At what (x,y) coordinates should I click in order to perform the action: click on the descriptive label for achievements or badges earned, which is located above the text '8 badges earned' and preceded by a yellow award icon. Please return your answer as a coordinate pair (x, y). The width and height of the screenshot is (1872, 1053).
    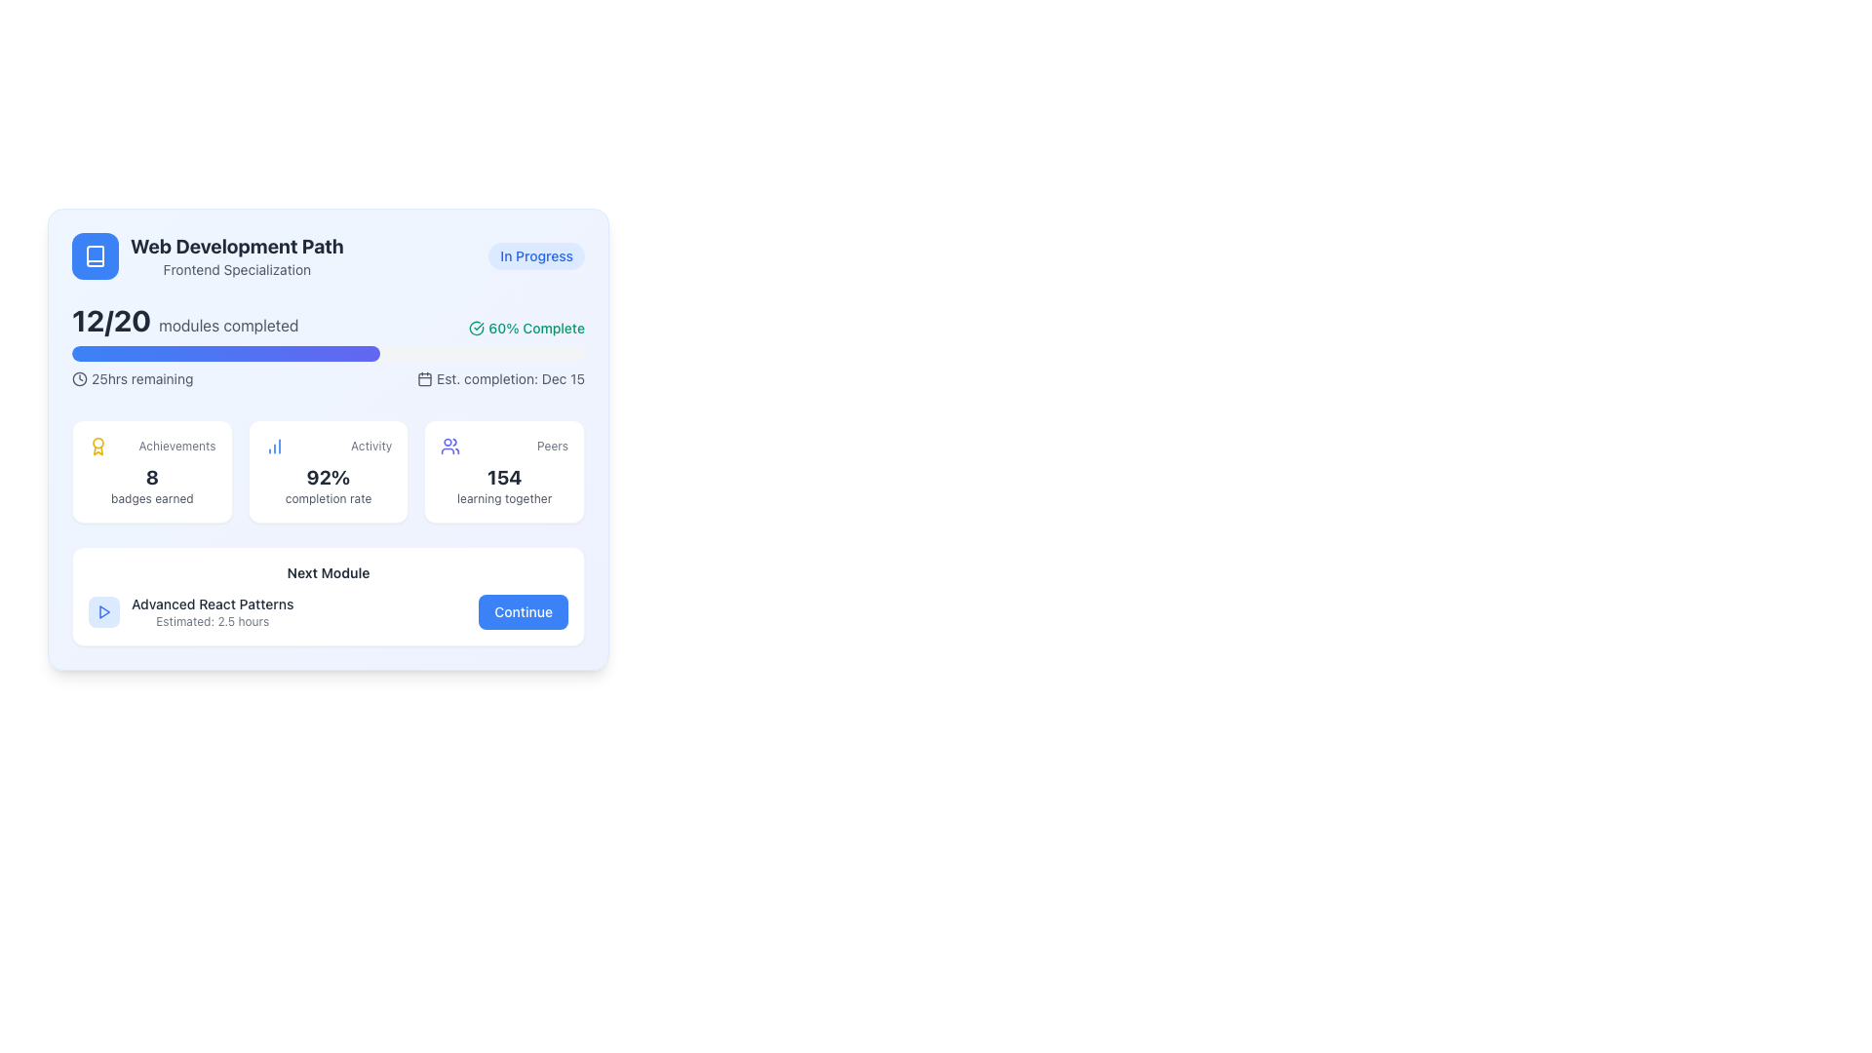
    Looking at the image, I should click on (177, 447).